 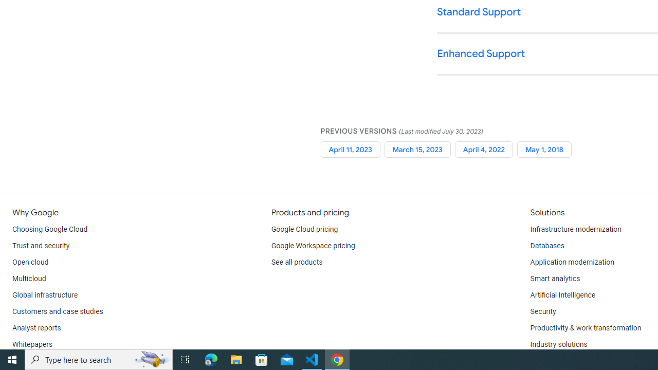 I want to click on 'Databases', so click(x=546, y=246).